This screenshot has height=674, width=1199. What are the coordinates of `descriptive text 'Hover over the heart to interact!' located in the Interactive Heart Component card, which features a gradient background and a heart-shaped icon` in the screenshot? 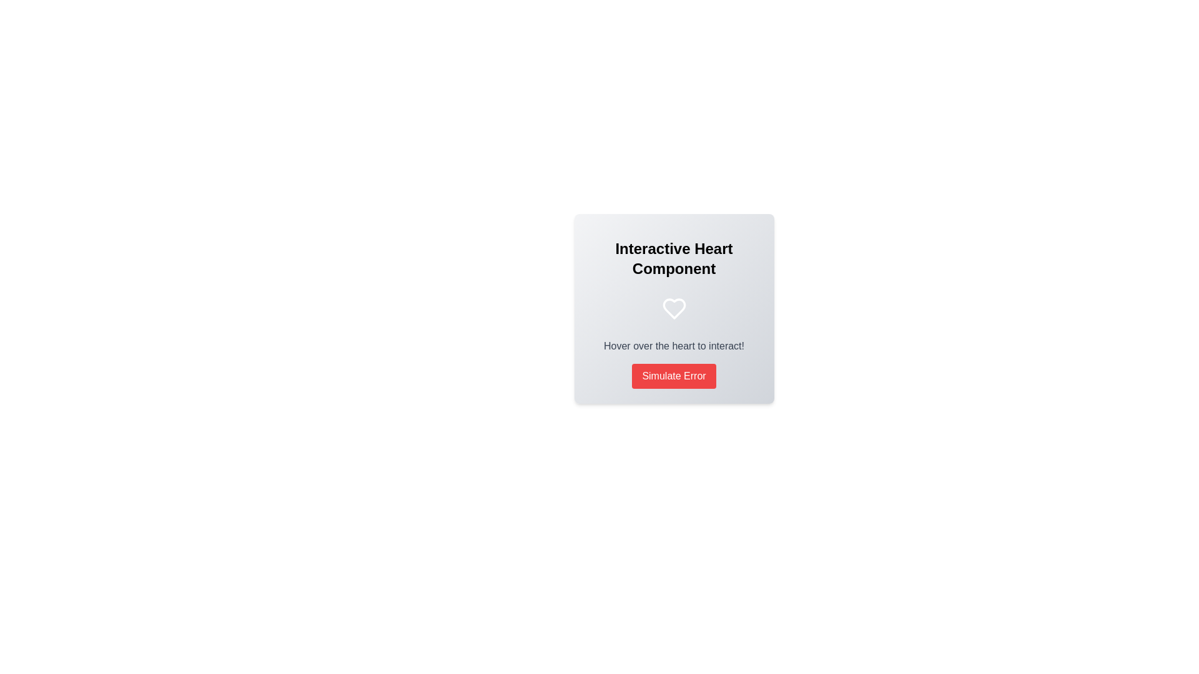 It's located at (673, 308).